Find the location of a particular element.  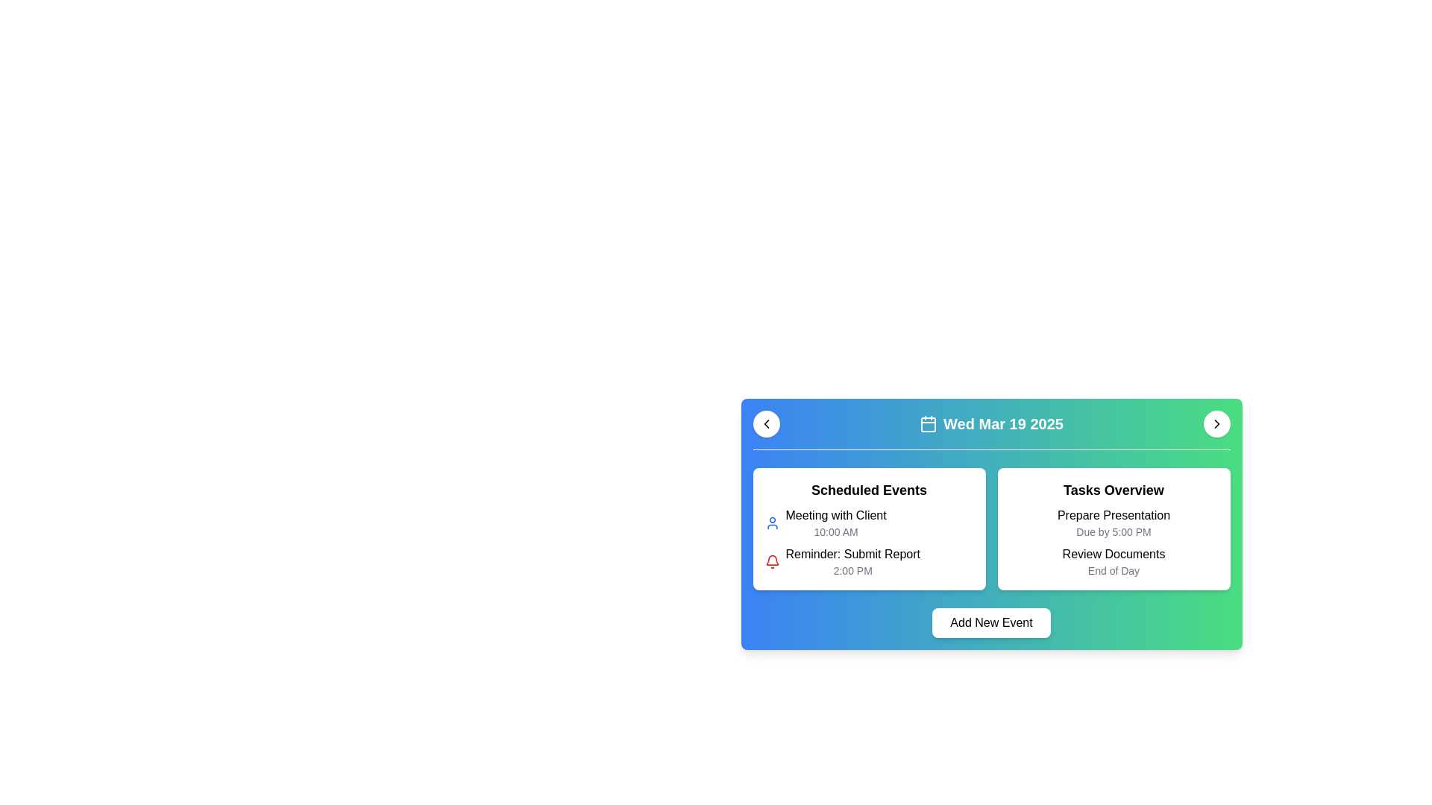

the Header text element that serves as a heading for the 'Scheduled Events' section, located at the top of the card for Wed Mar 19 2025 is located at coordinates (869, 490).